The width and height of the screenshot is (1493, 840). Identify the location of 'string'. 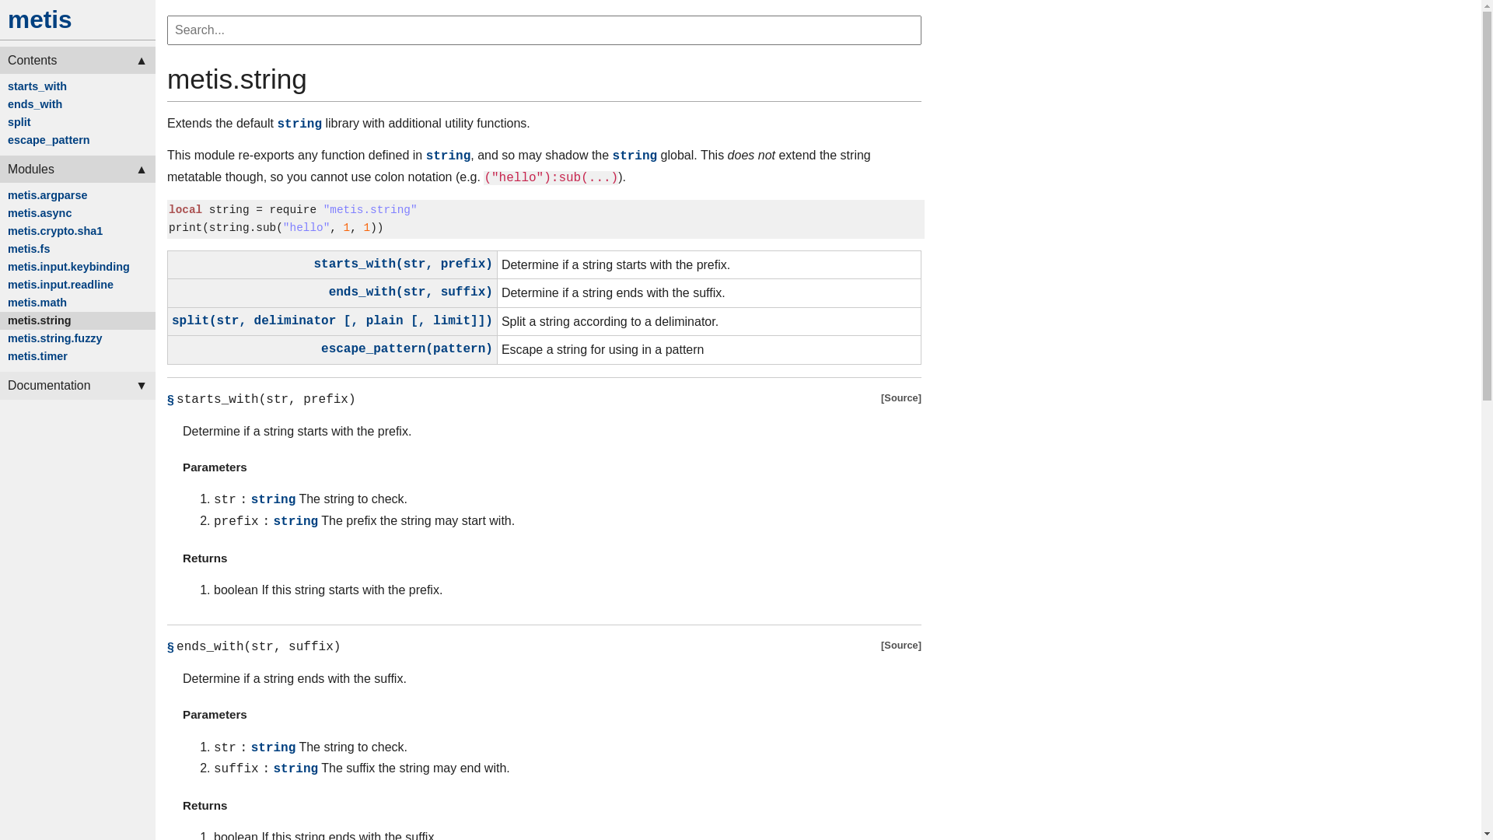
(299, 122).